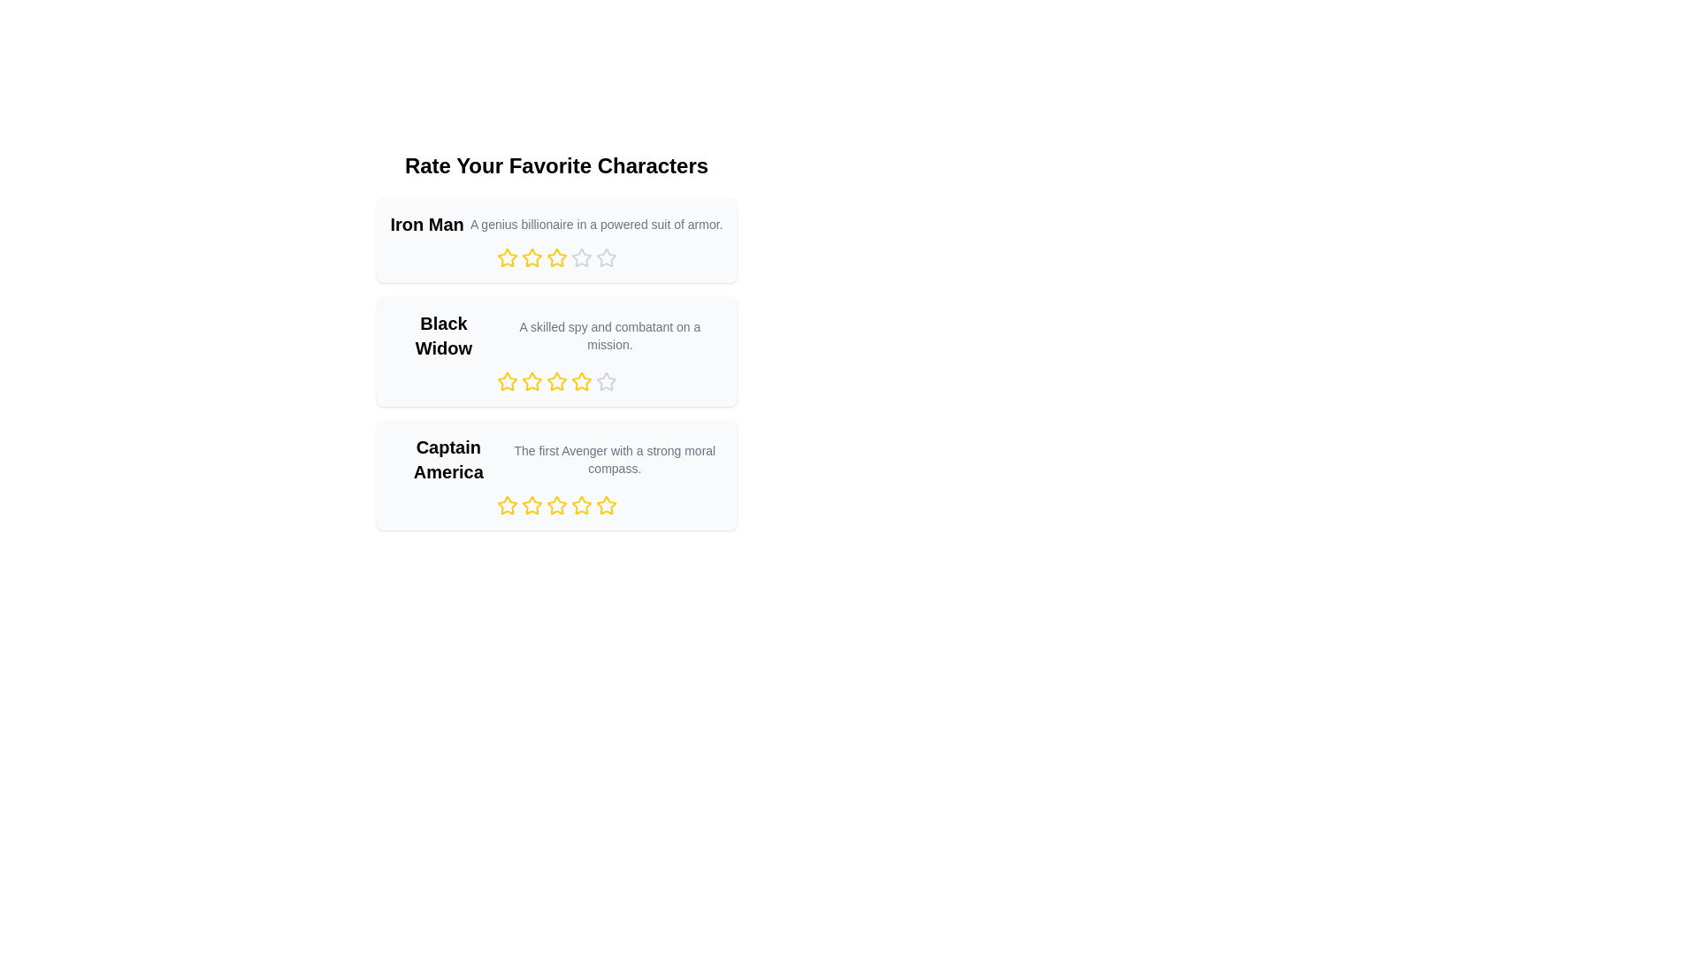 The height and width of the screenshot is (955, 1698). I want to click on the first star icon used for rating, so click(506, 505).